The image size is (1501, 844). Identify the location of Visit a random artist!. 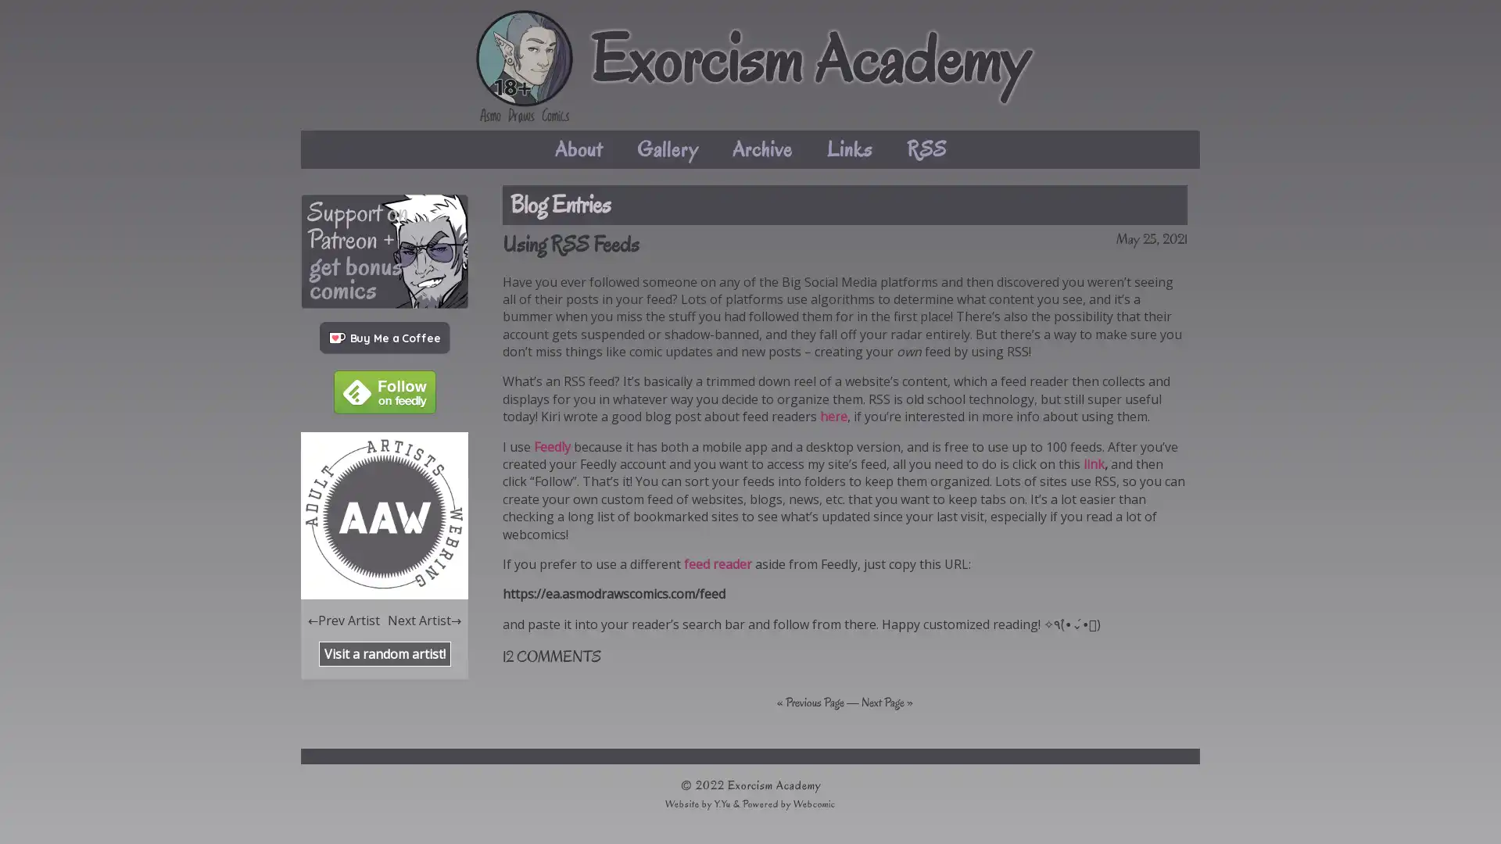
(384, 653).